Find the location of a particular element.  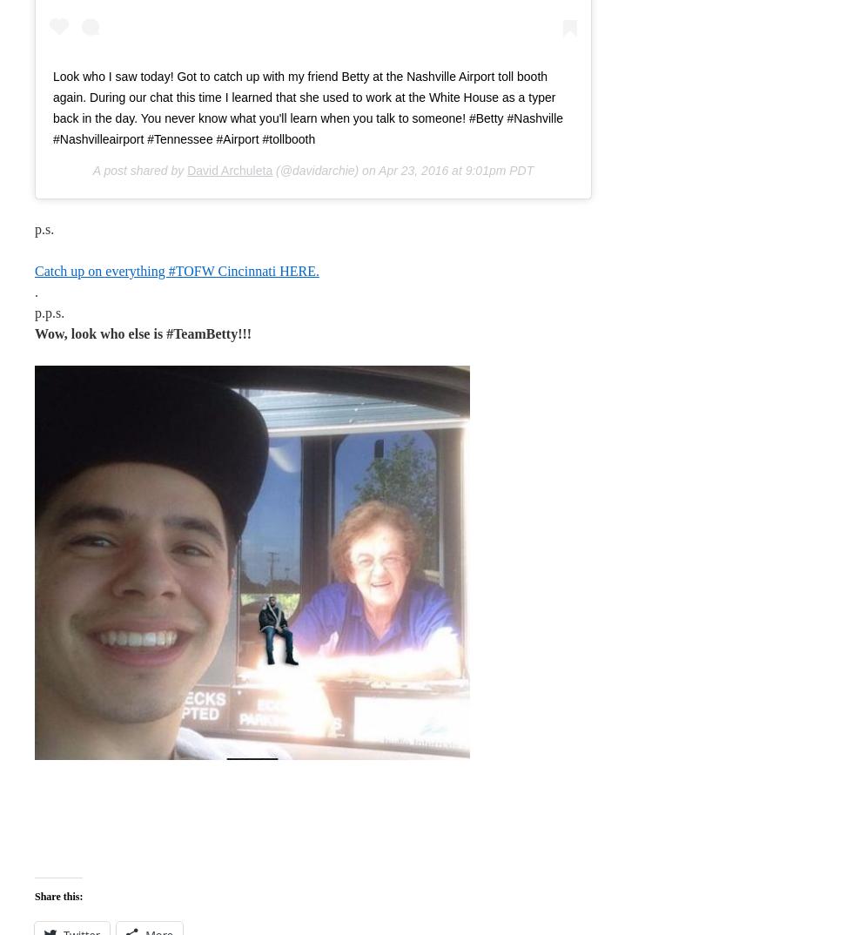

'Share this:' is located at coordinates (58, 895).